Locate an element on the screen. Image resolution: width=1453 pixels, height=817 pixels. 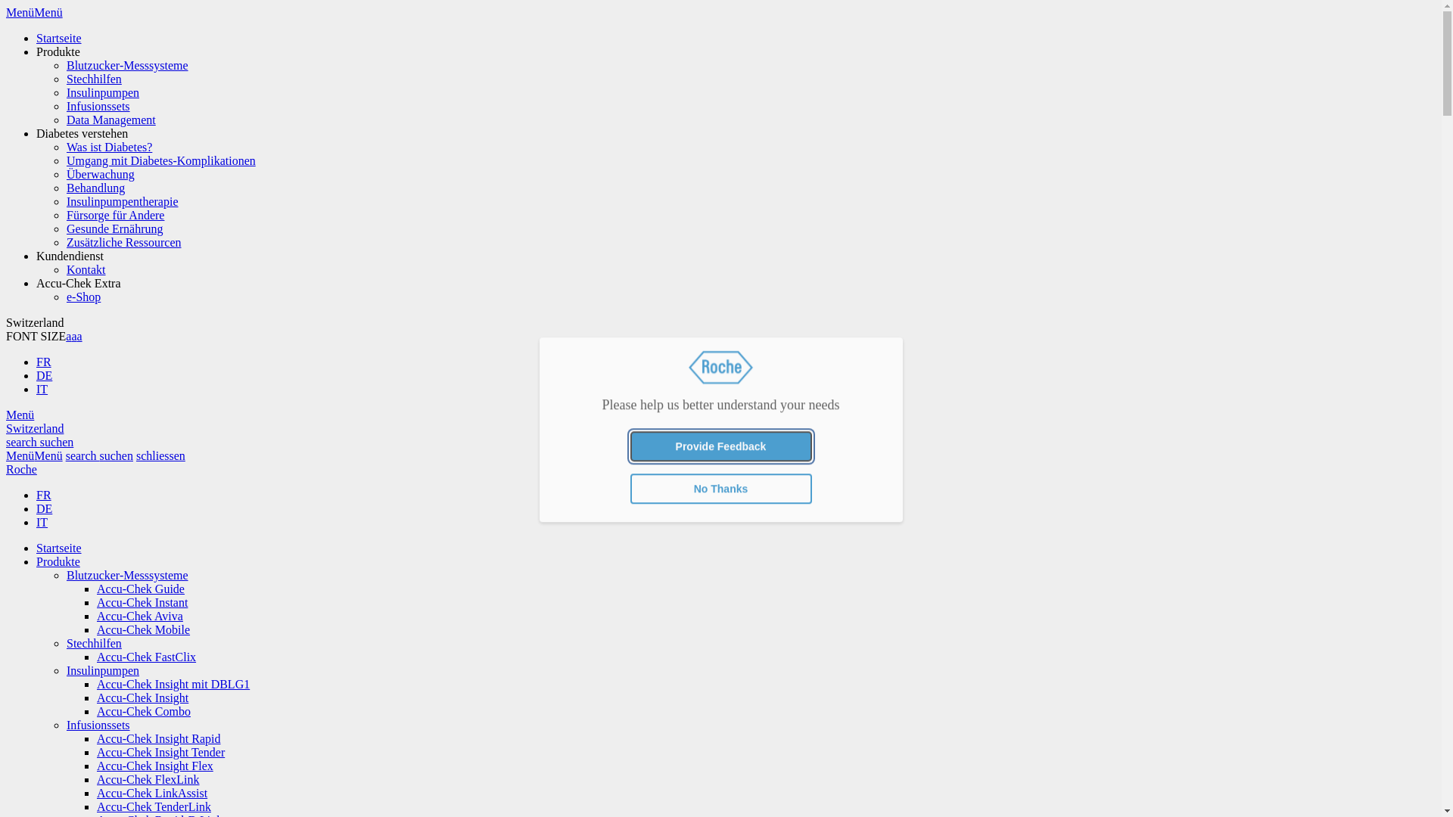
'a' is located at coordinates (73, 335).